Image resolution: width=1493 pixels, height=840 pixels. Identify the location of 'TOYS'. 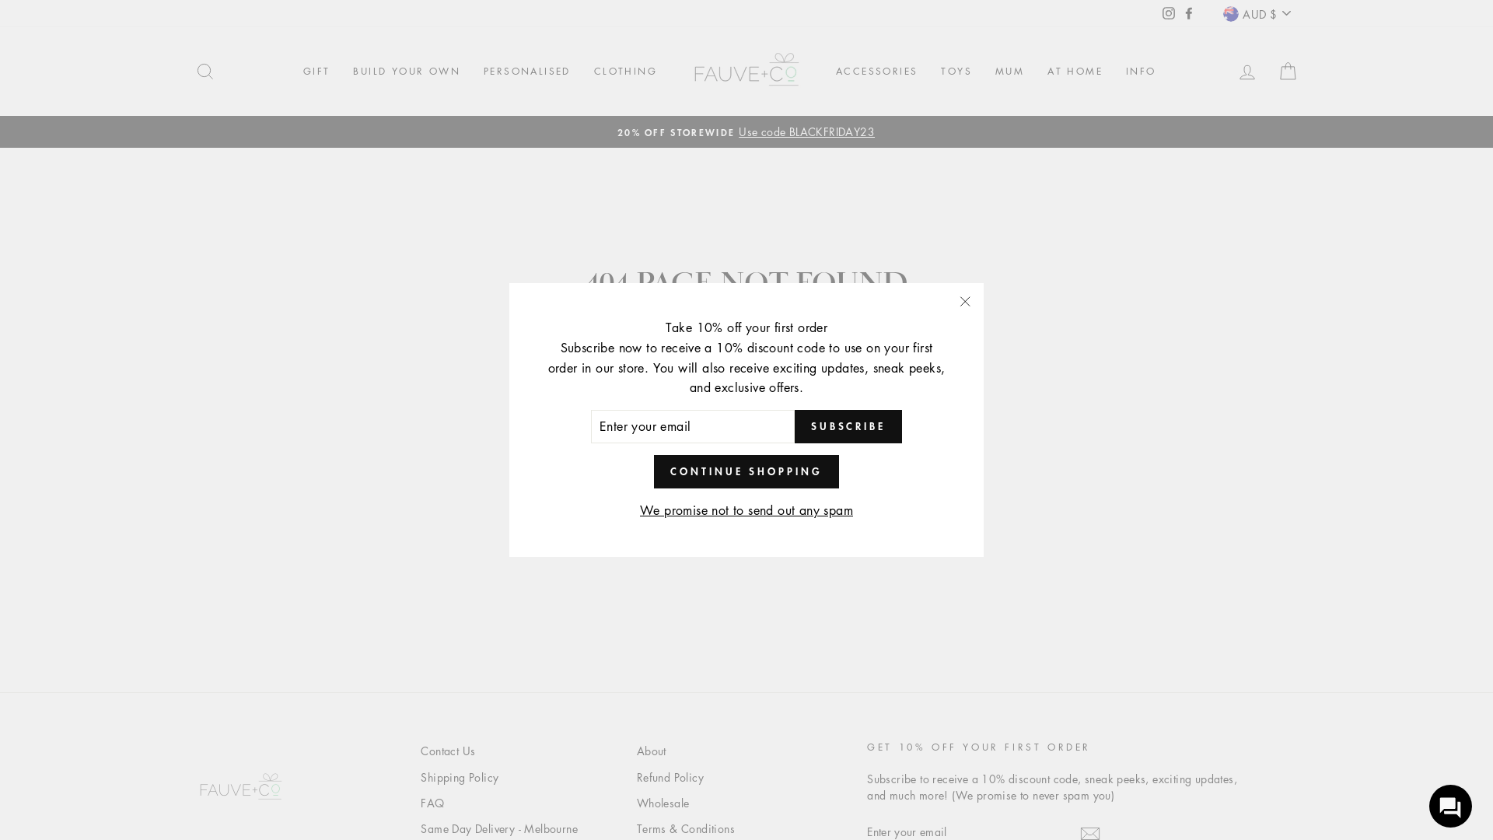
(955, 72).